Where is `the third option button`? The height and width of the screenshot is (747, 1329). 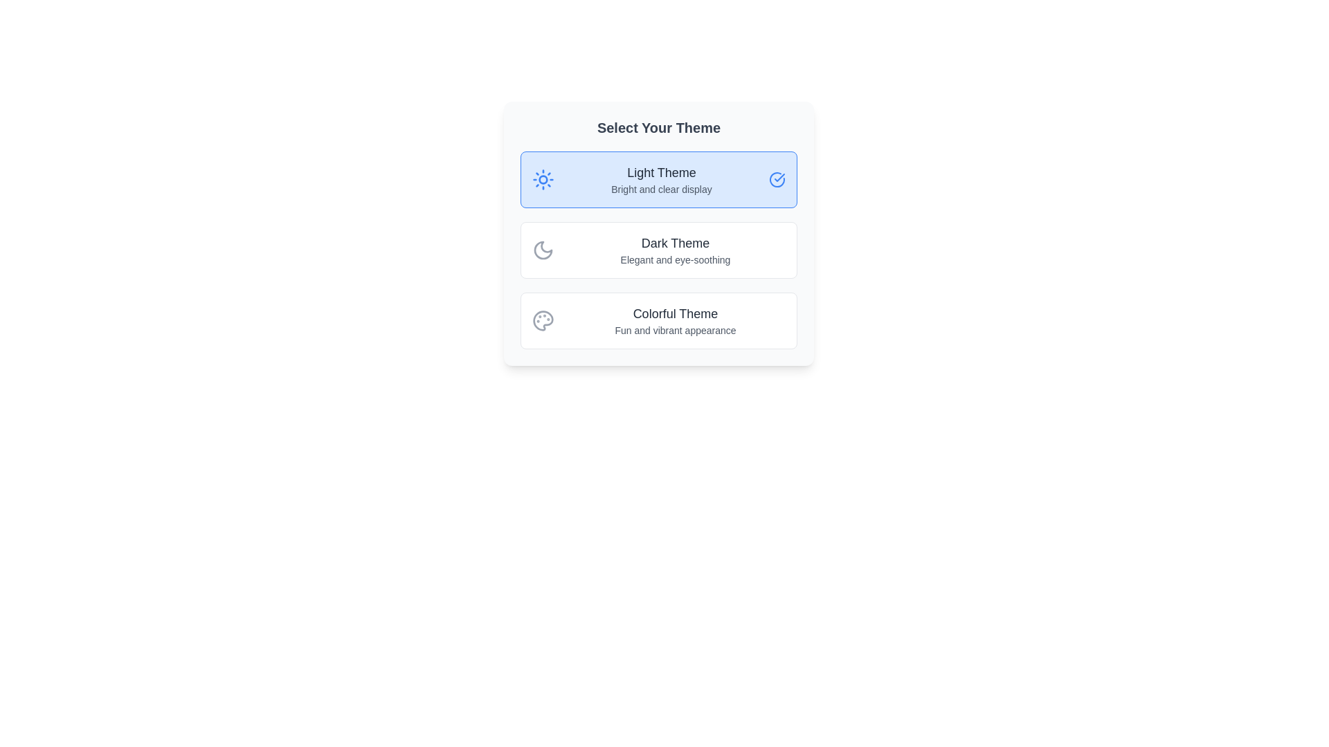
the third option button is located at coordinates (658, 320).